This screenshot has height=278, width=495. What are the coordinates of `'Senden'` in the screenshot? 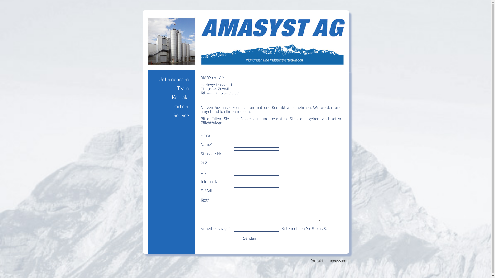 It's located at (250, 238).